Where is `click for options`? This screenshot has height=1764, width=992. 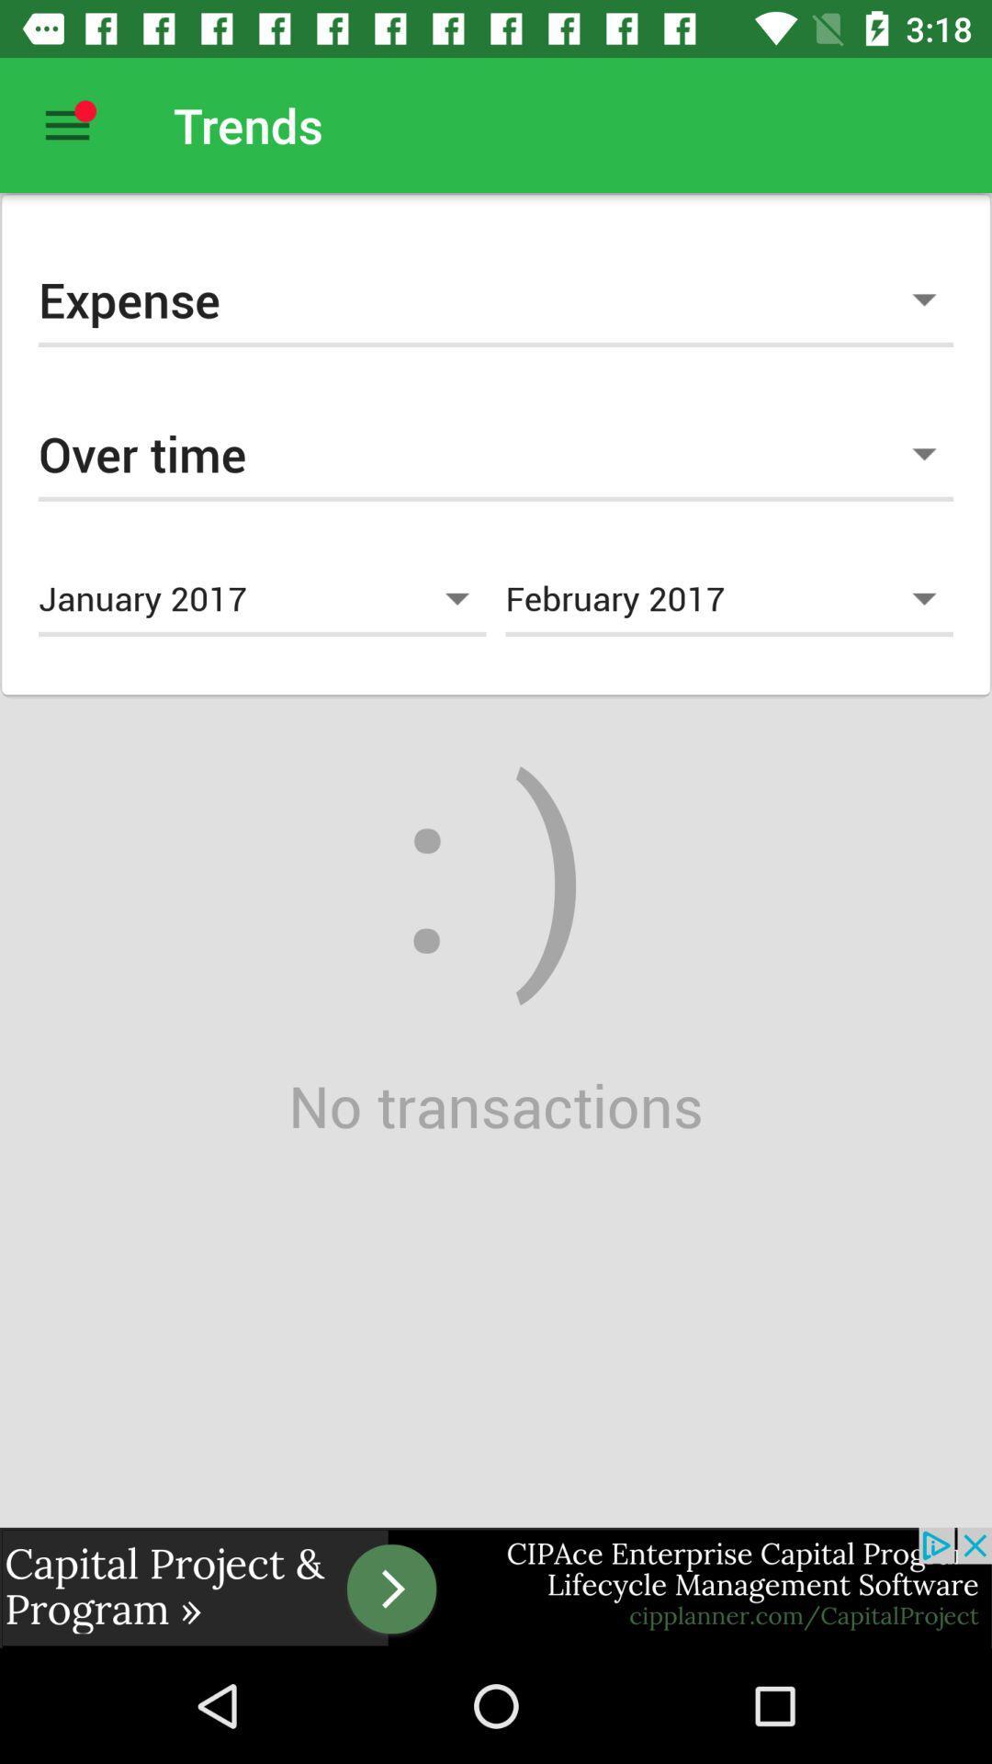 click for options is located at coordinates (66, 124).